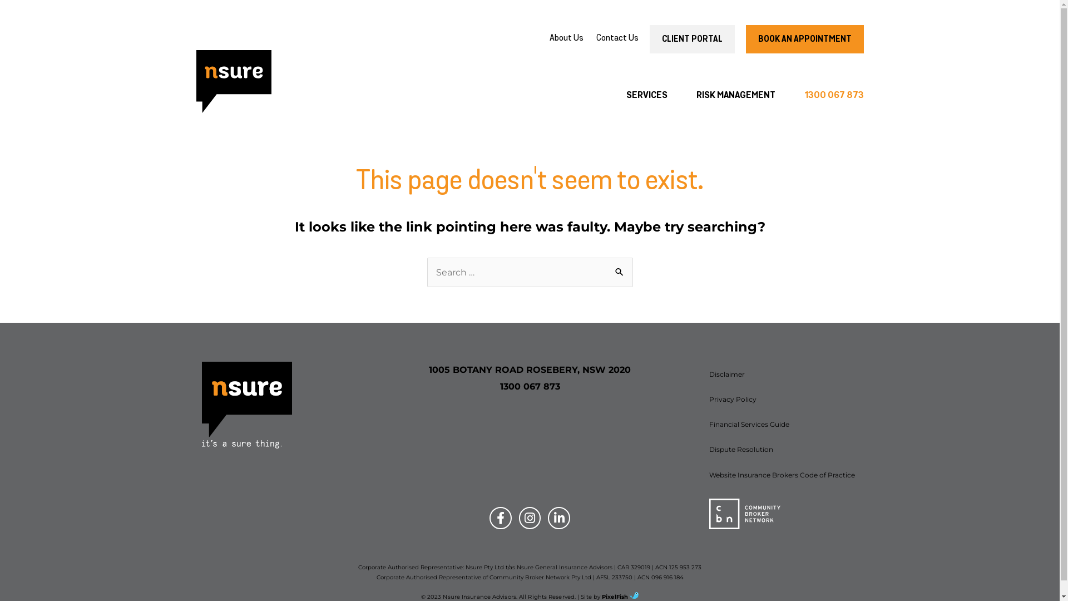 The width and height of the screenshot is (1068, 601). What do you see at coordinates (558, 518) in the screenshot?
I see `'Linkedin-in'` at bounding box center [558, 518].